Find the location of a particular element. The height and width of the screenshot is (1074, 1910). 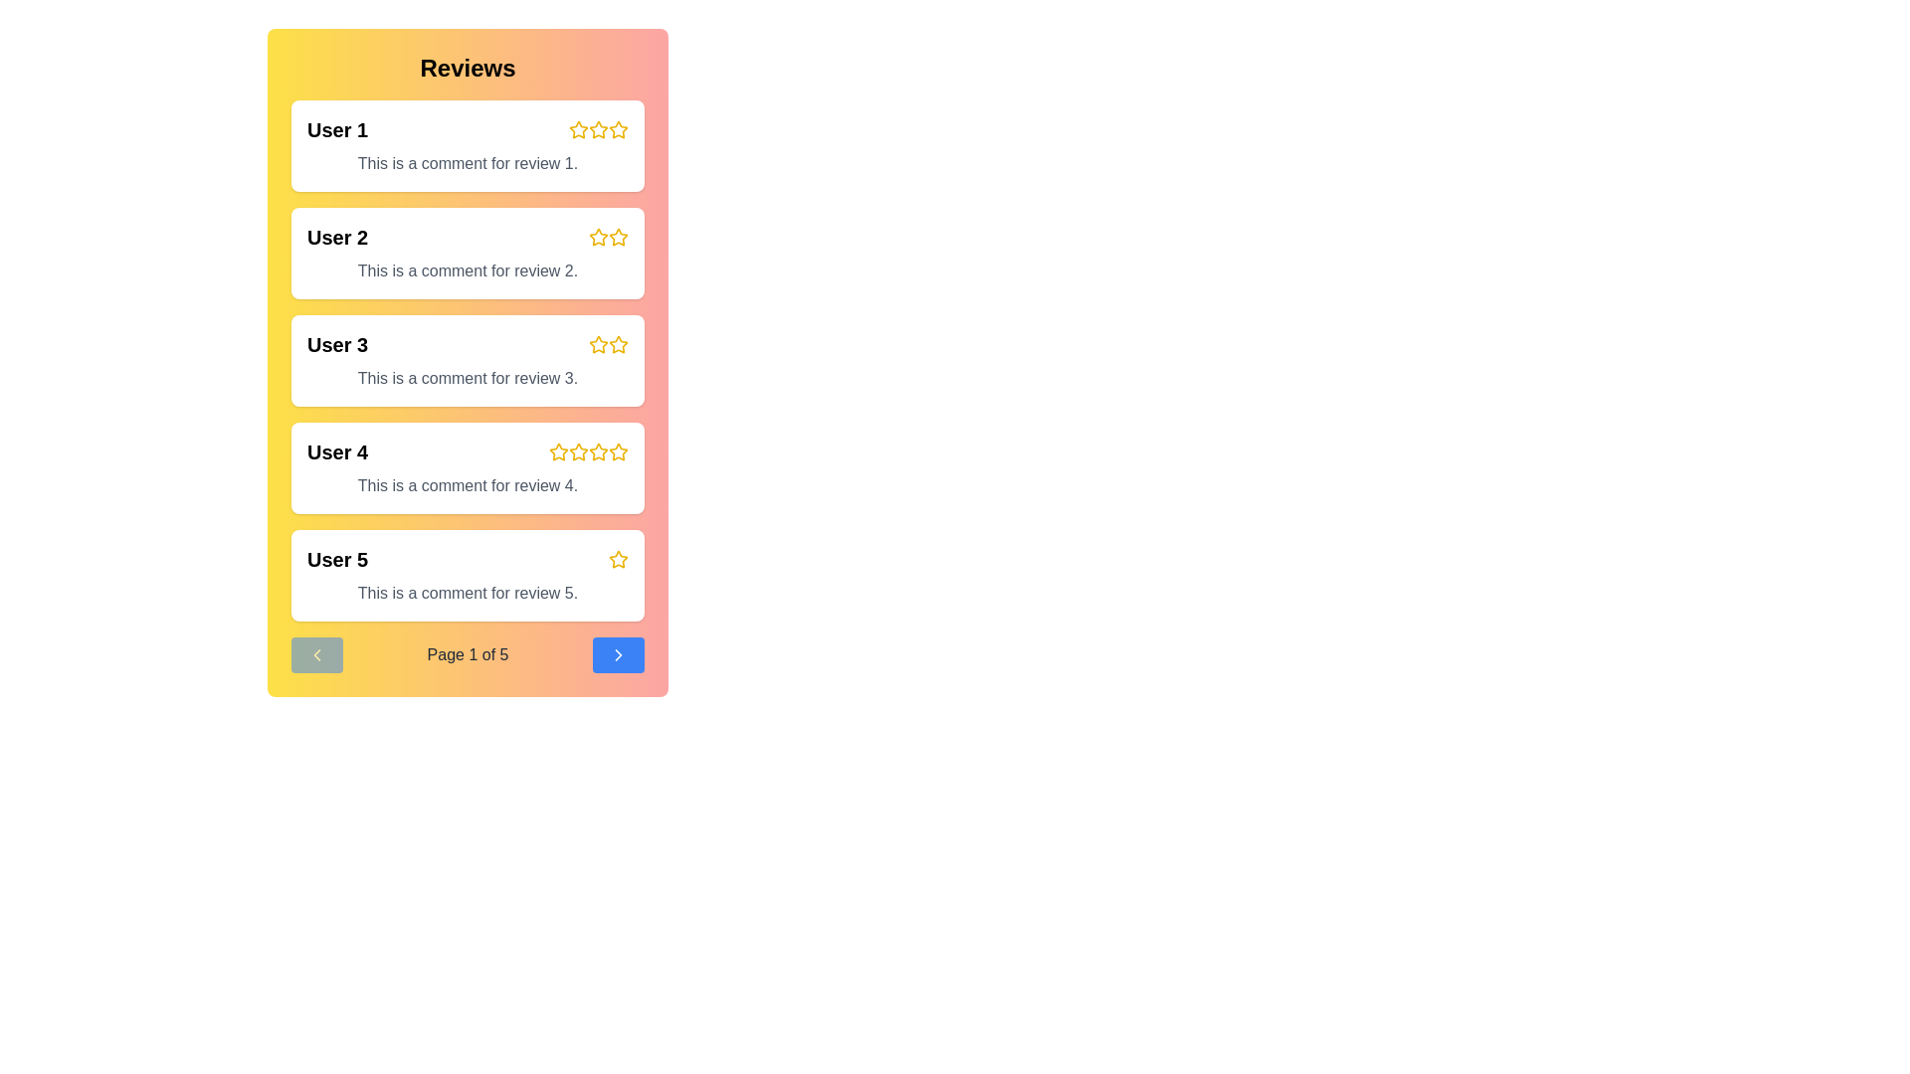

the text label identifying the author of the second review is located at coordinates (337, 237).